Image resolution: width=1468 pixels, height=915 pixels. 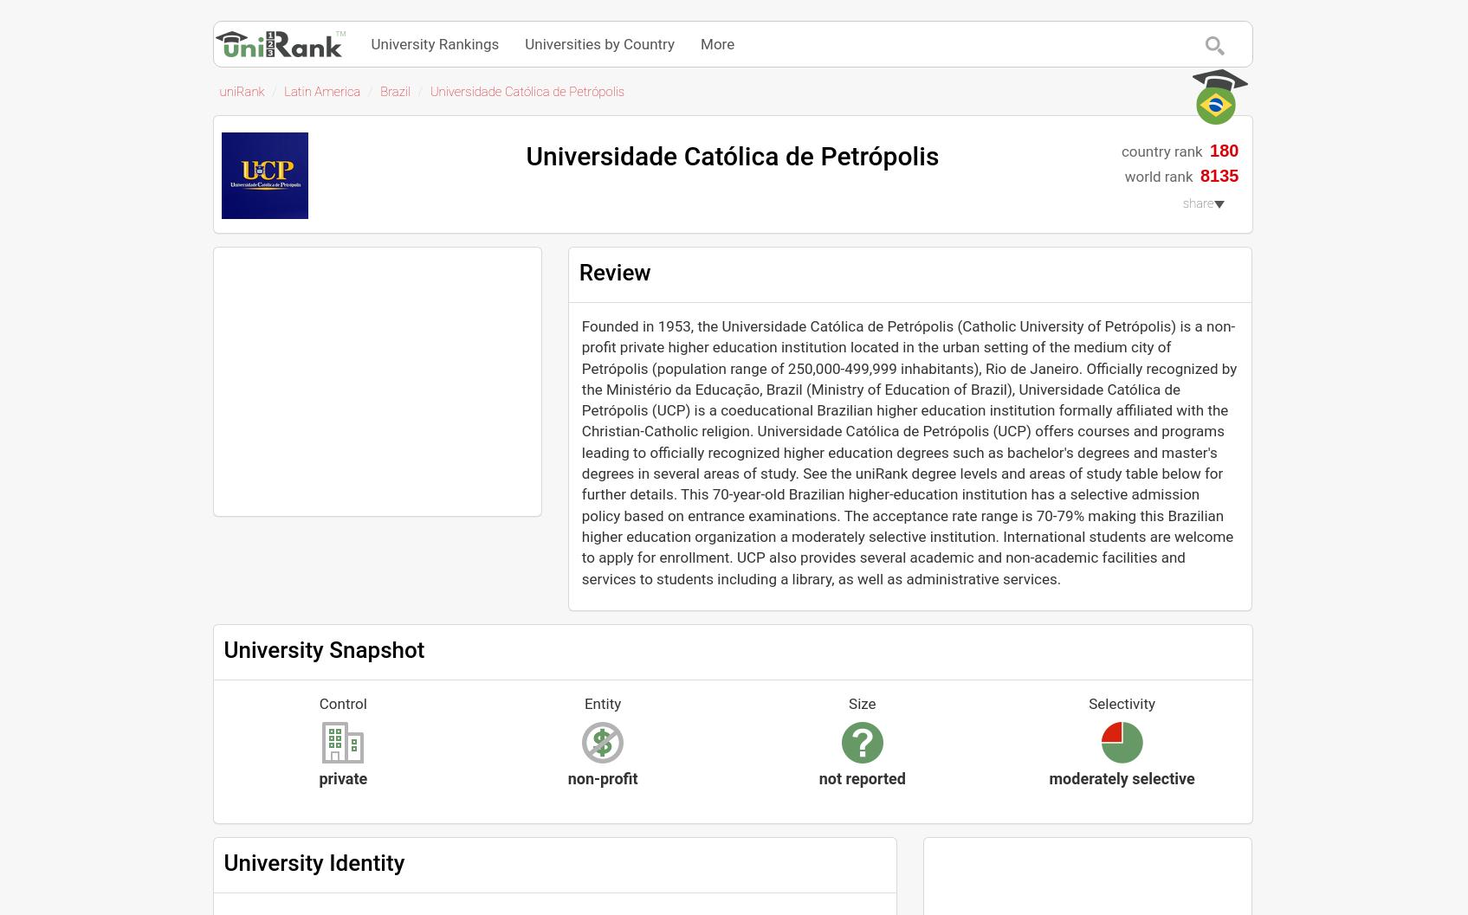 I want to click on 'University Snapshot', so click(x=222, y=648).